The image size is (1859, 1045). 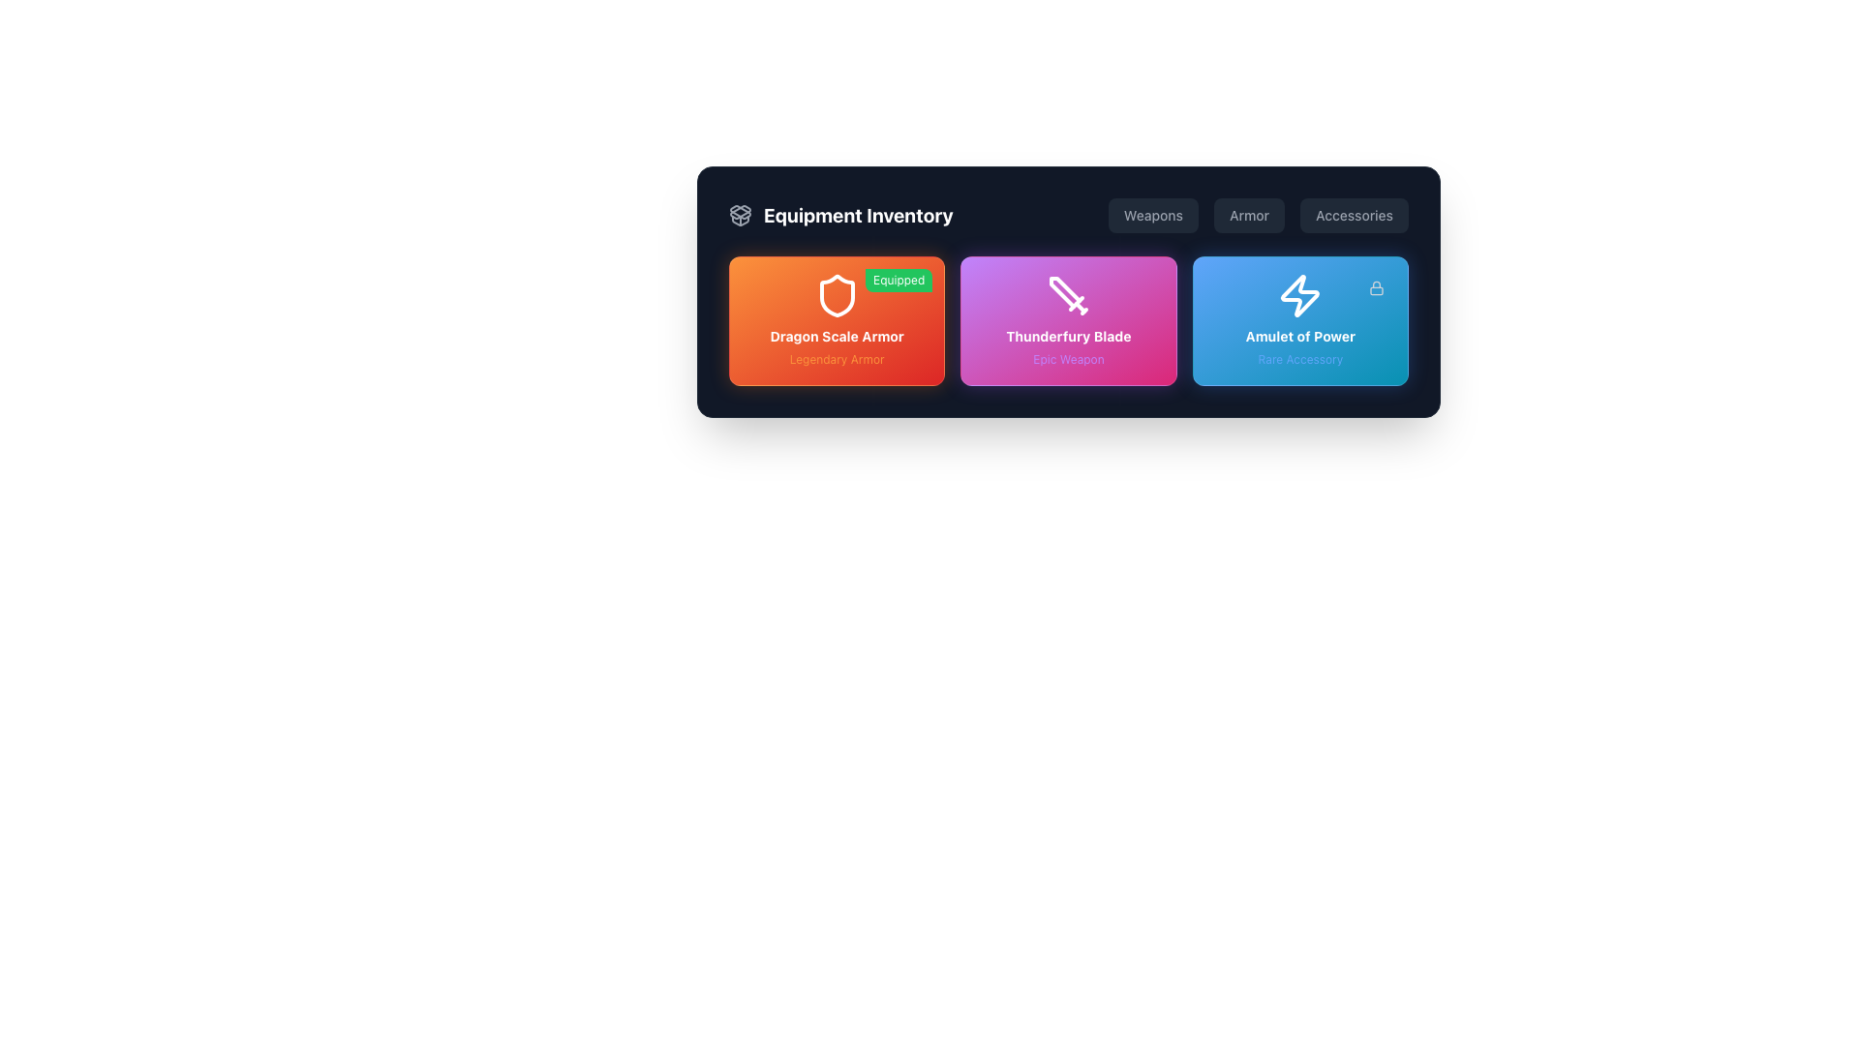 What do you see at coordinates (1300, 319) in the screenshot?
I see `the Card component representing the 'Amulet of Power' in the Equipment Inventory` at bounding box center [1300, 319].